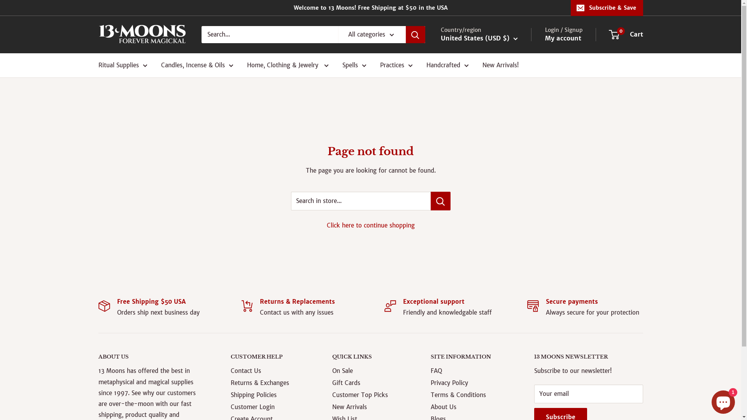  I want to click on 'Customer Login', so click(268, 406).